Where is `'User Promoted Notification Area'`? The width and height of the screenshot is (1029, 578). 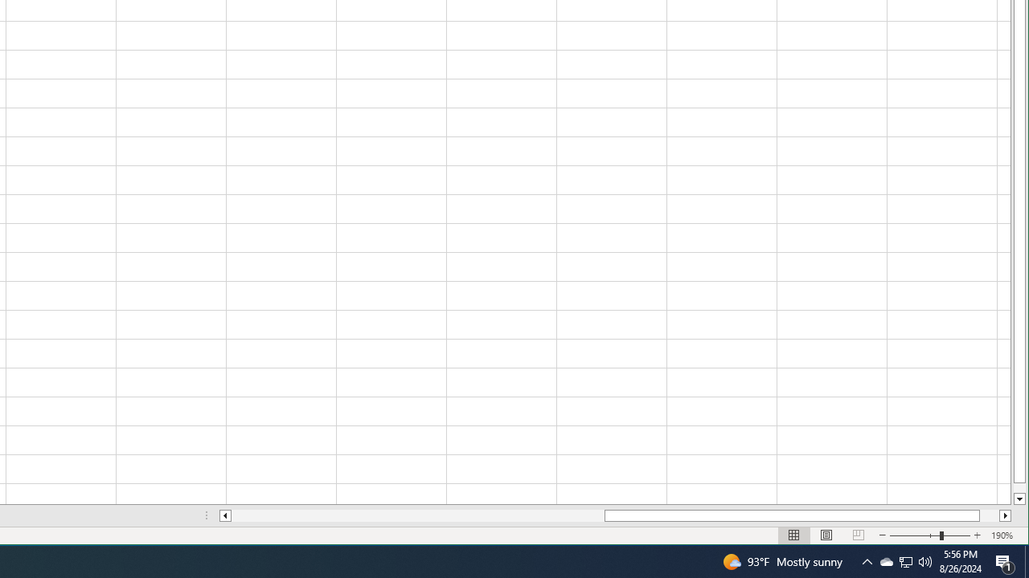 'User Promoted Notification Area' is located at coordinates (885, 560).